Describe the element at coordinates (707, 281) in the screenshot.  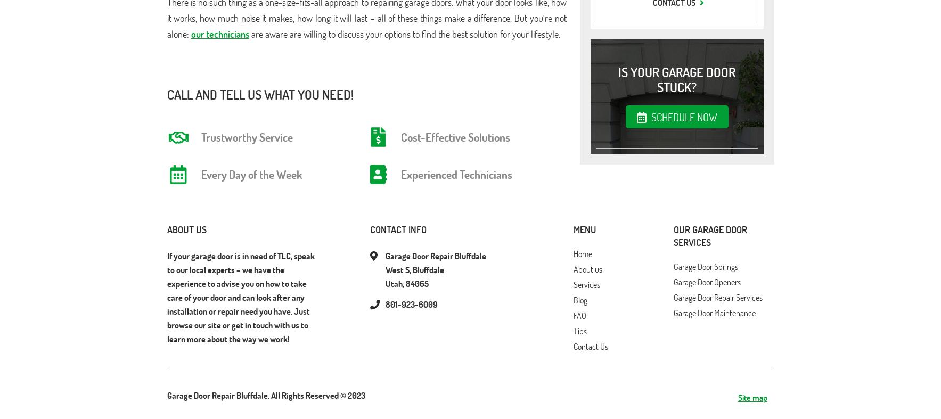
I see `'Garage Door Openers'` at that location.